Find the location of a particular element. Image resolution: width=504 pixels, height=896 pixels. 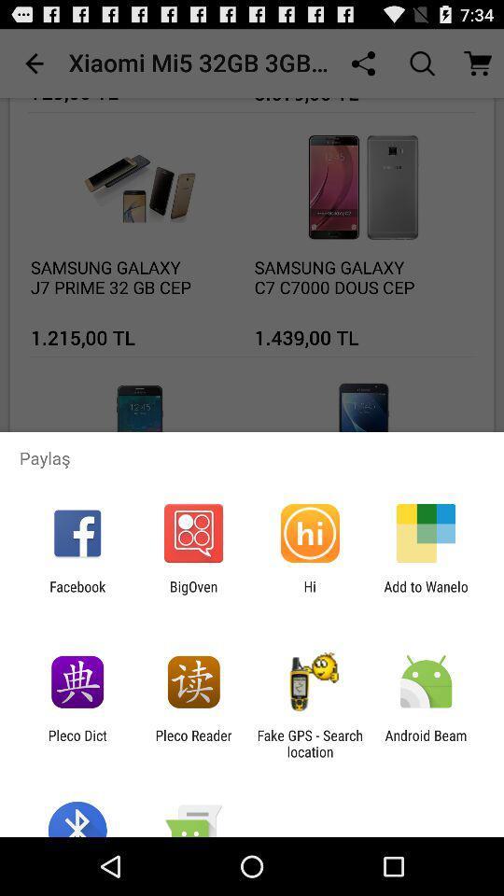

bigoven is located at coordinates (192, 594).